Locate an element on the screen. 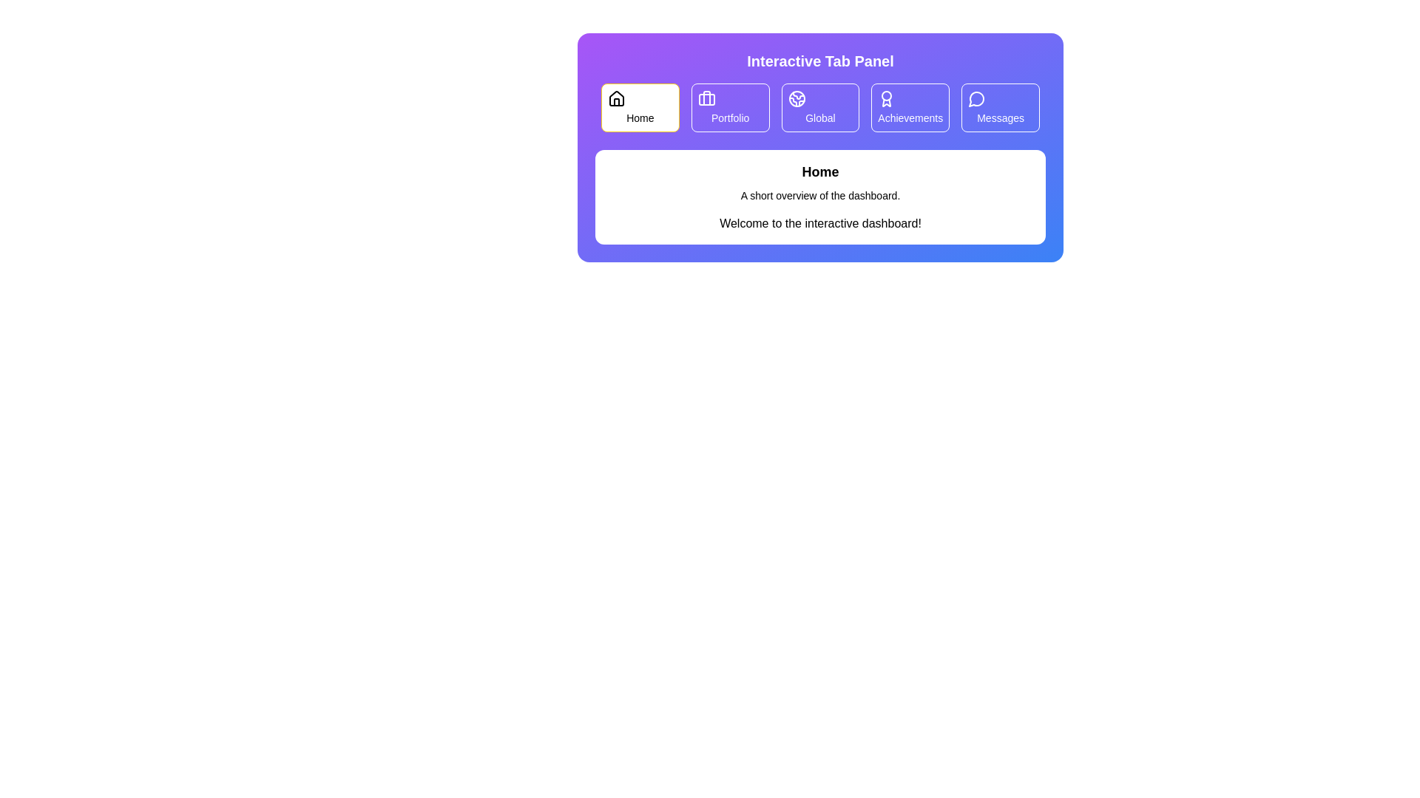 This screenshot has width=1420, height=798. the SVG Circle element within the 'Achievements' tab, which visually represents achievements as part of the award icon design is located at coordinates (887, 96).